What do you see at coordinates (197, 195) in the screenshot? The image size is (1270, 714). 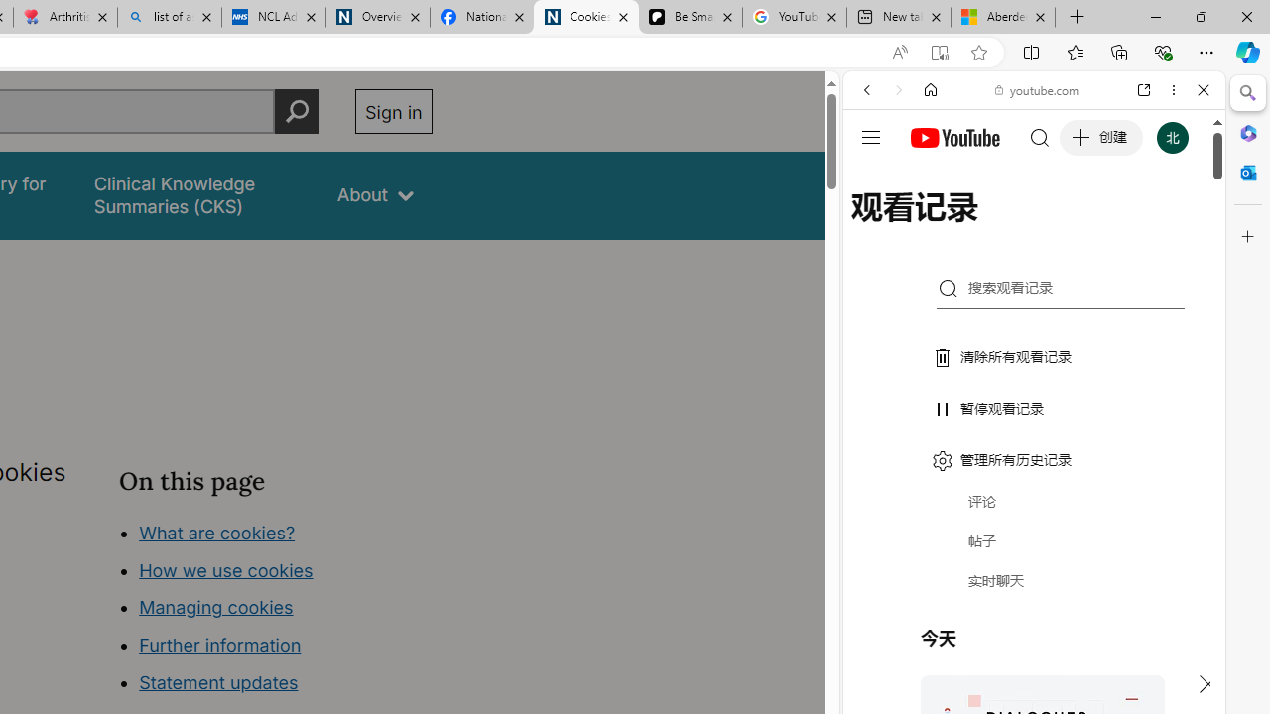 I see `'false'` at bounding box center [197, 195].